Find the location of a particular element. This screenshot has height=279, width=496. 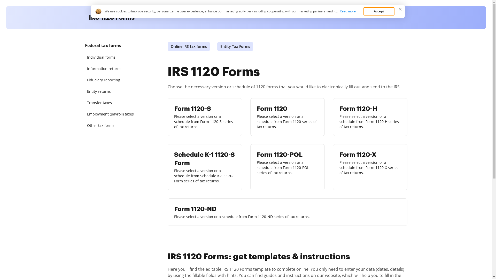

'Online IRS tax forms' is located at coordinates (188, 47).